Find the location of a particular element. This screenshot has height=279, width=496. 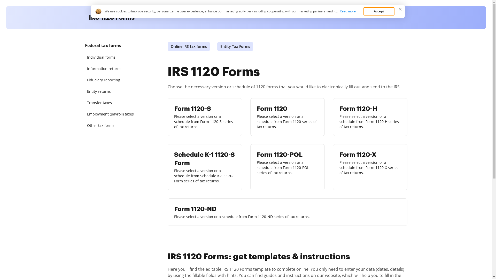

'Online IRS tax forms' is located at coordinates (188, 47).